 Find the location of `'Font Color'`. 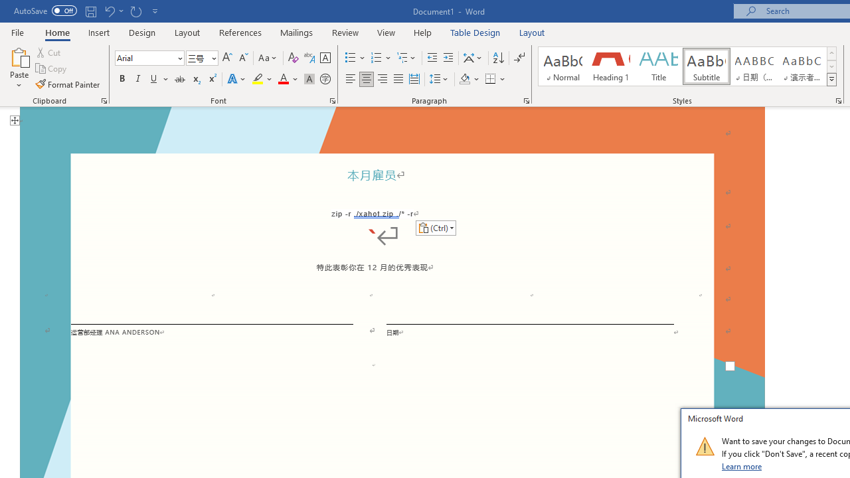

'Font Color' is located at coordinates (288, 79).